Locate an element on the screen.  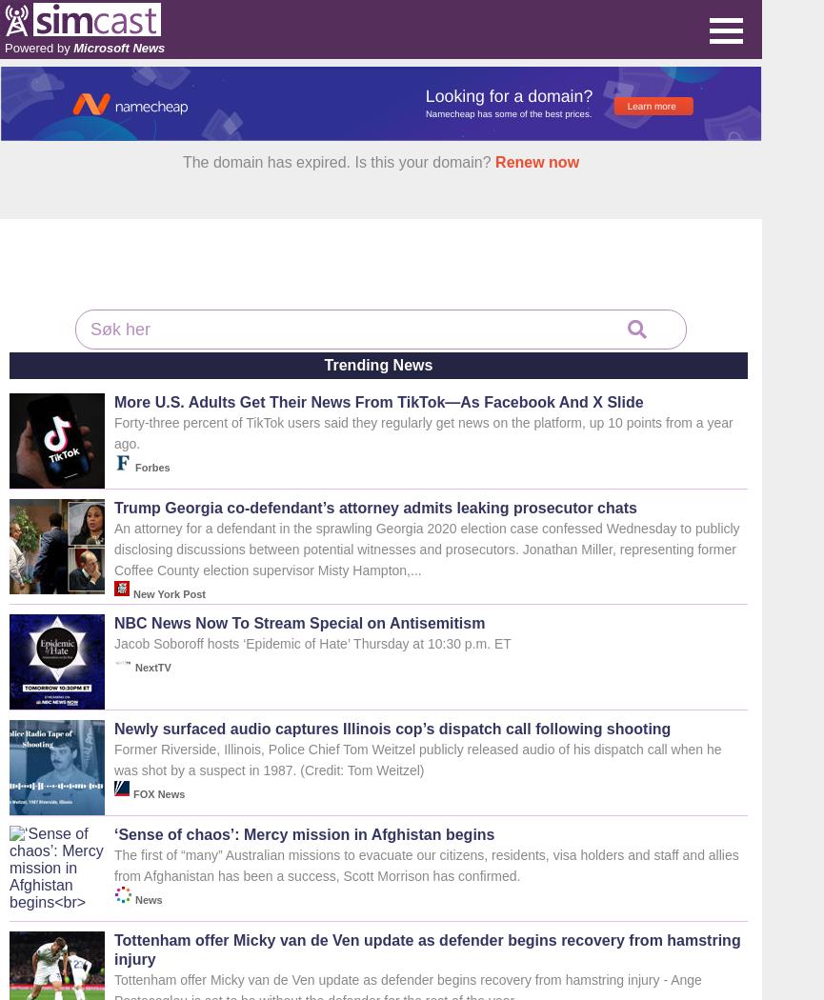
'Trending News' is located at coordinates (378, 365).